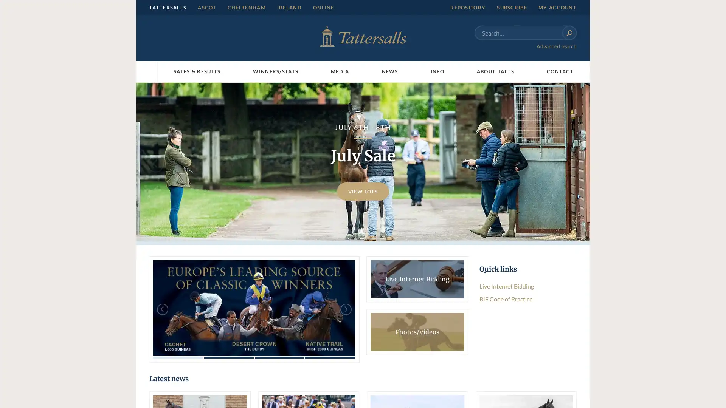  I want to click on Next, so click(570, 164).